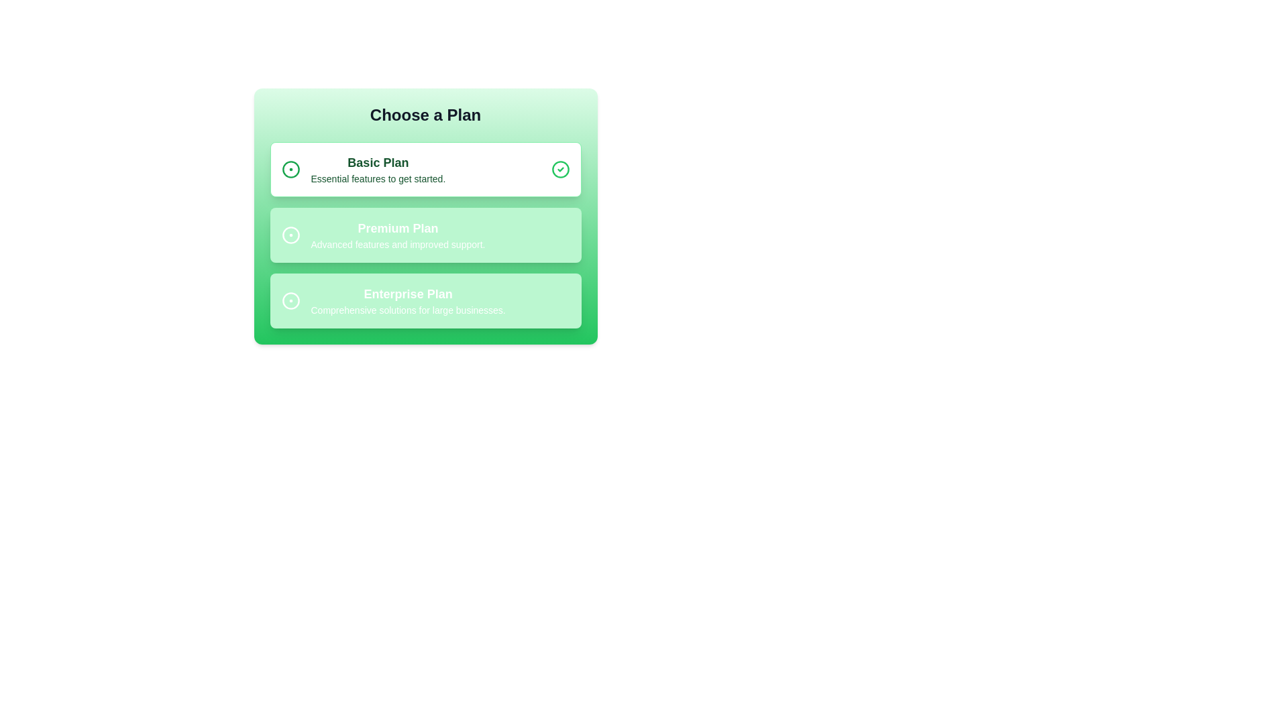  Describe the element at coordinates (425, 300) in the screenshot. I see `the 'Enterprise Plan' card, which is the last item in a vertically stacked list of plan cards with a light green background and bold white text 'Enterprise Plan'` at that location.